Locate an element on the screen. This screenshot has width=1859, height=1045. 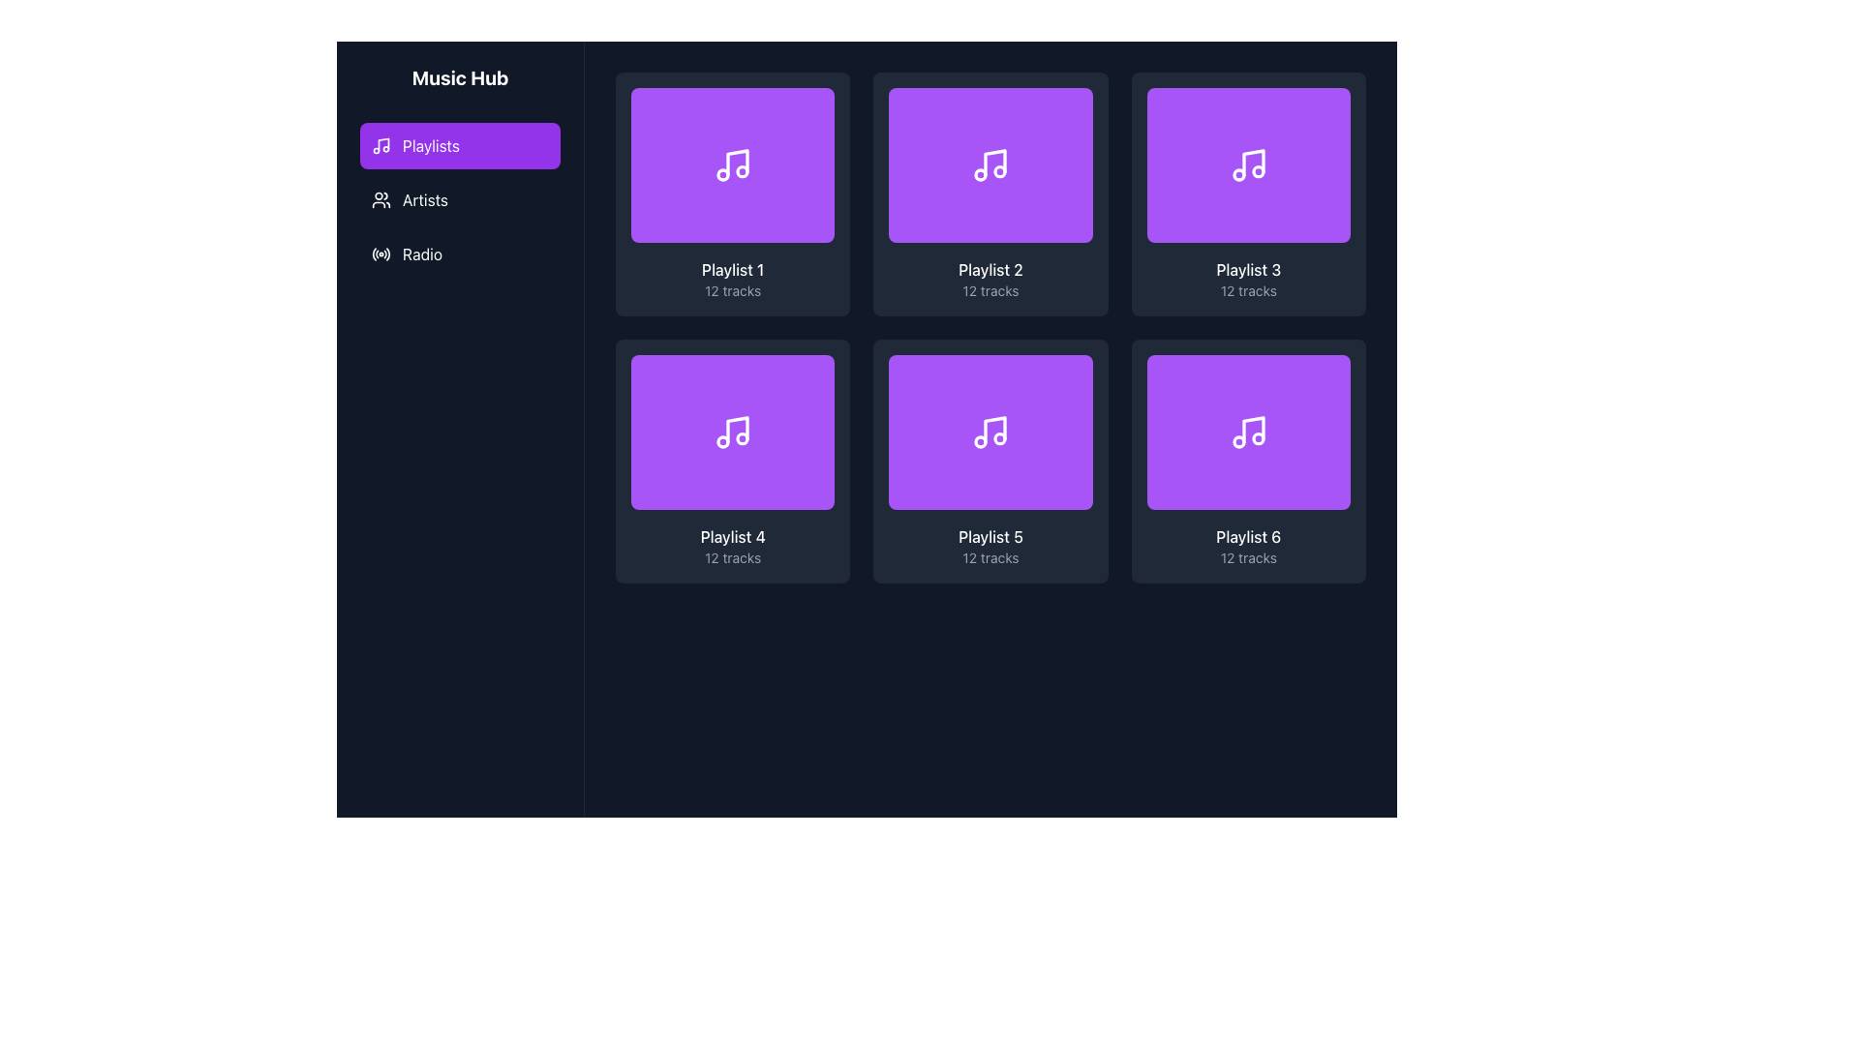
the purple button with a white music note icon, which is the second button in the first row of a grid layout containing six buttons is located at coordinates (990, 164).